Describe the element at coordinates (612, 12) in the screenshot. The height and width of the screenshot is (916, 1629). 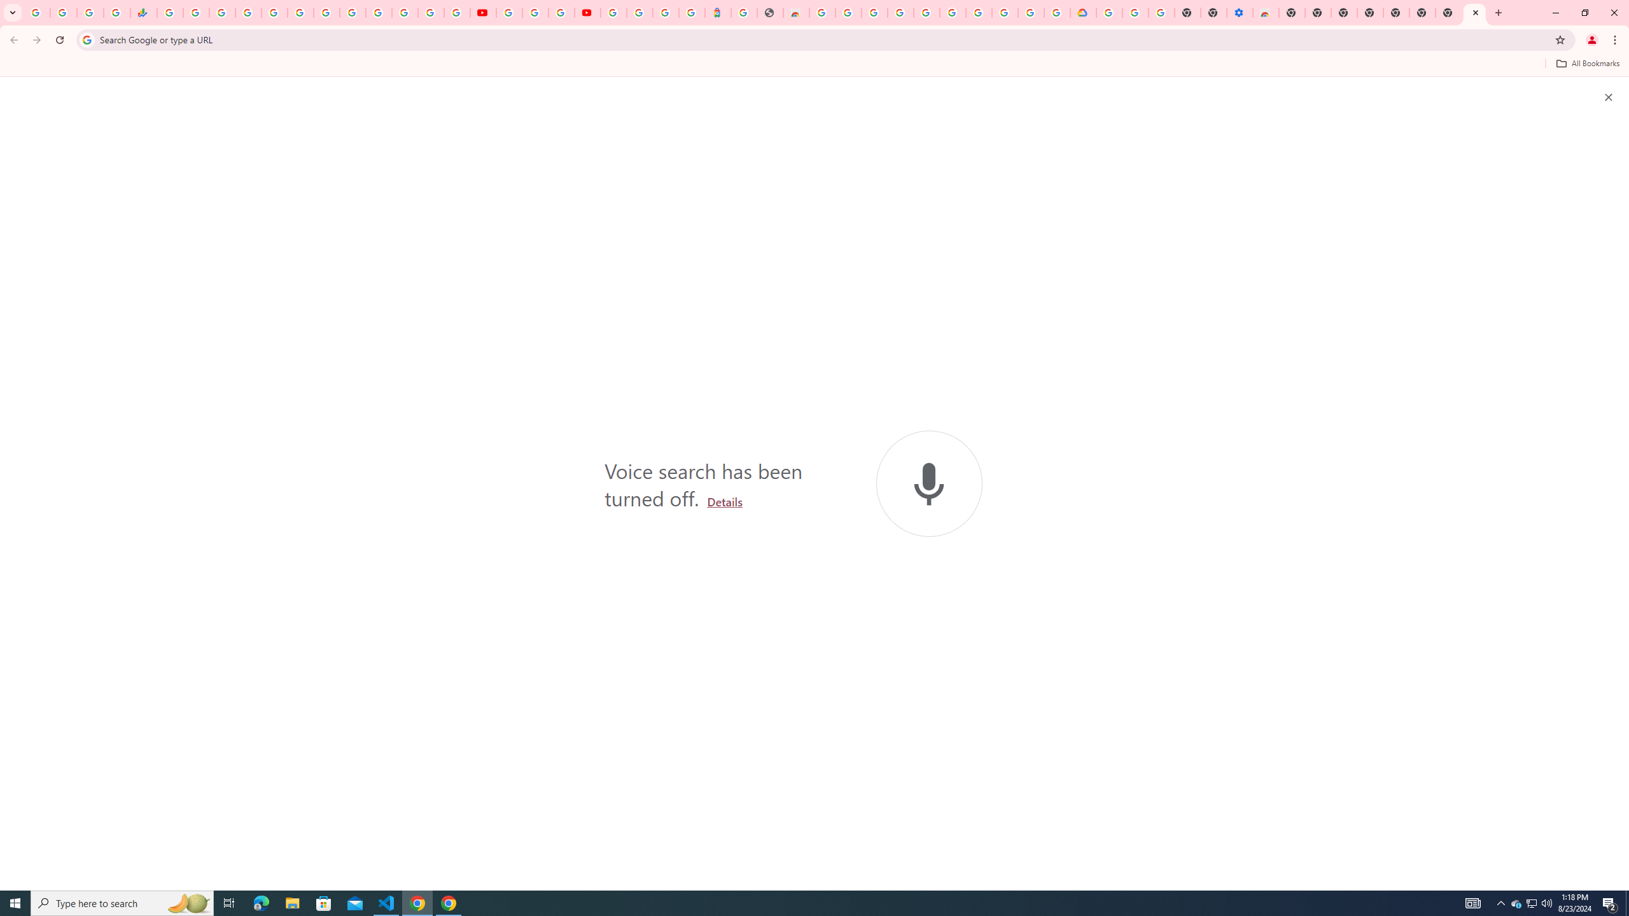
I see `'Sign in - Google Accounts'` at that location.